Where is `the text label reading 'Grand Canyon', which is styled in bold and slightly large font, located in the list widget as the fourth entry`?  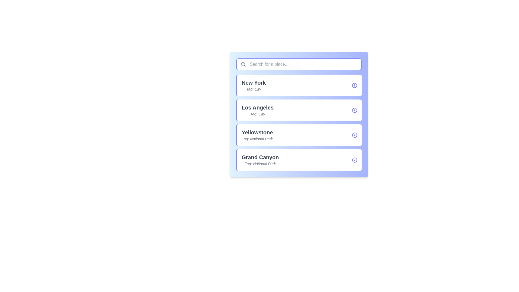 the text label reading 'Grand Canyon', which is styled in bold and slightly large font, located in the list widget as the fourth entry is located at coordinates (260, 157).